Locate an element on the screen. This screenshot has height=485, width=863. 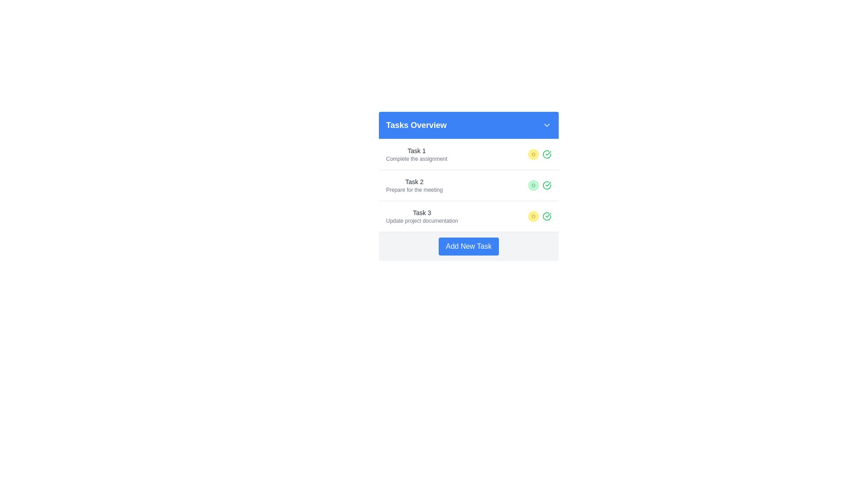
the first list item in the 'Tasks Overview' section that displays 'Task 1' with the action 'Complete the assignment' and a yellow 'pending' badge is located at coordinates (468, 154).